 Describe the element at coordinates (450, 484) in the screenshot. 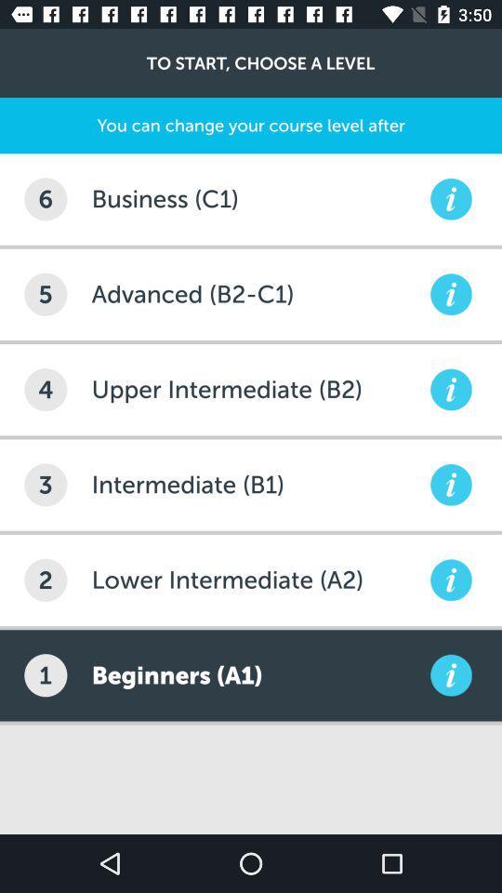

I see `help option` at that location.